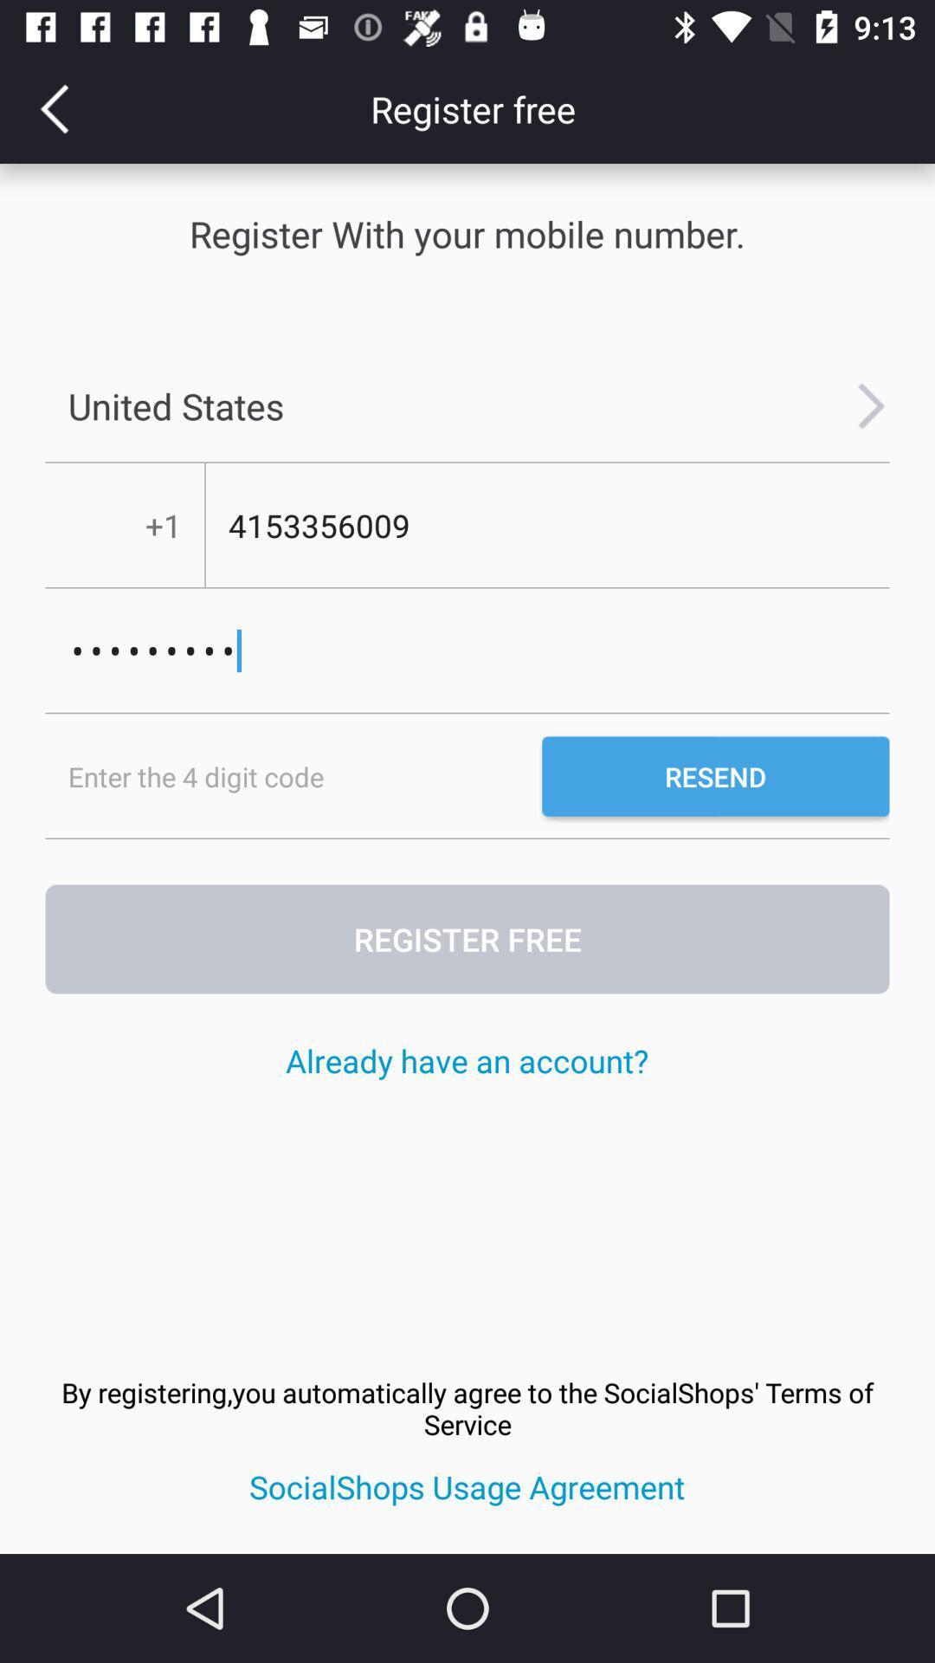  Describe the element at coordinates (293, 775) in the screenshot. I see `pin code` at that location.